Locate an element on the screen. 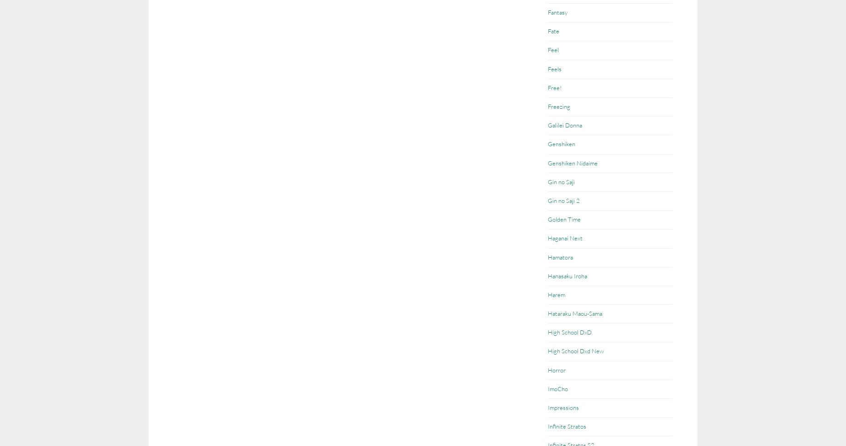 The image size is (846, 446). 'Freezing' is located at coordinates (547, 106).